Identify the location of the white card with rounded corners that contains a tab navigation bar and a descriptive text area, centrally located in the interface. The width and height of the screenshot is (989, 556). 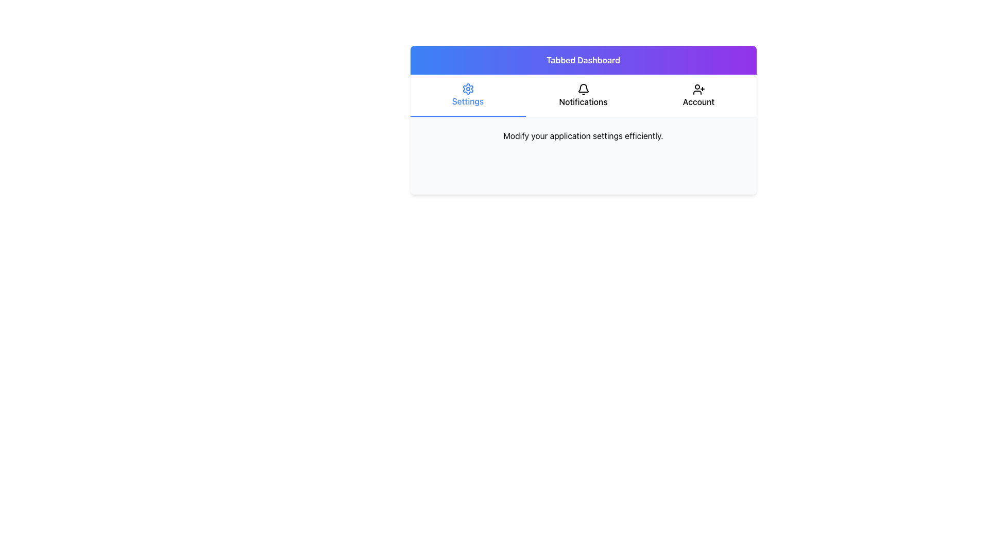
(583, 119).